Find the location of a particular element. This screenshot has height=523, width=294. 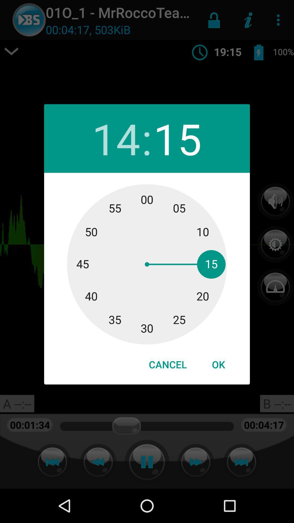

icon next to ok icon is located at coordinates (167, 364).